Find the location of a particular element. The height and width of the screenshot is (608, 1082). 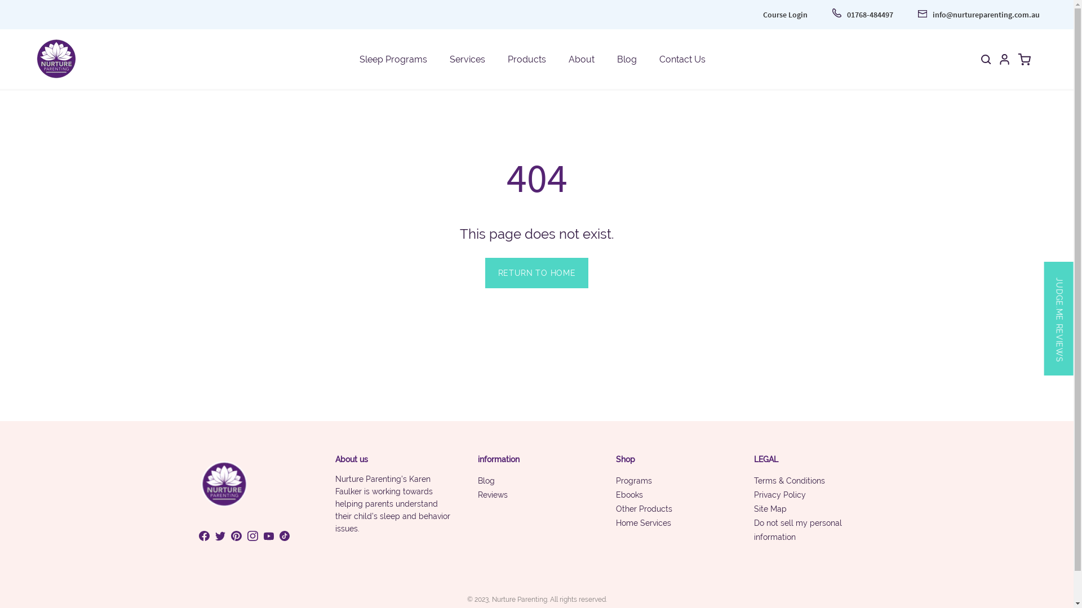

'Open search bar' is located at coordinates (981, 59).